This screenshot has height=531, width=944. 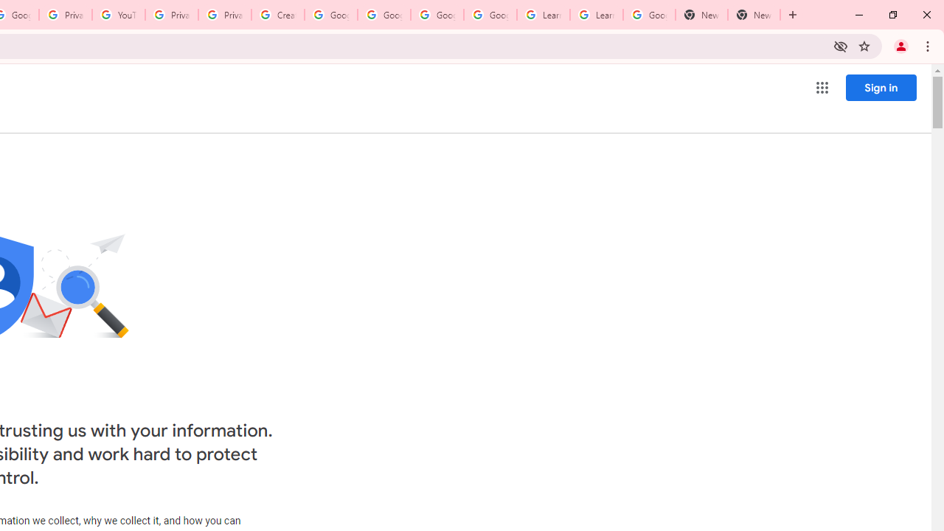 What do you see at coordinates (277, 15) in the screenshot?
I see `'Create your Google Account'` at bounding box center [277, 15].